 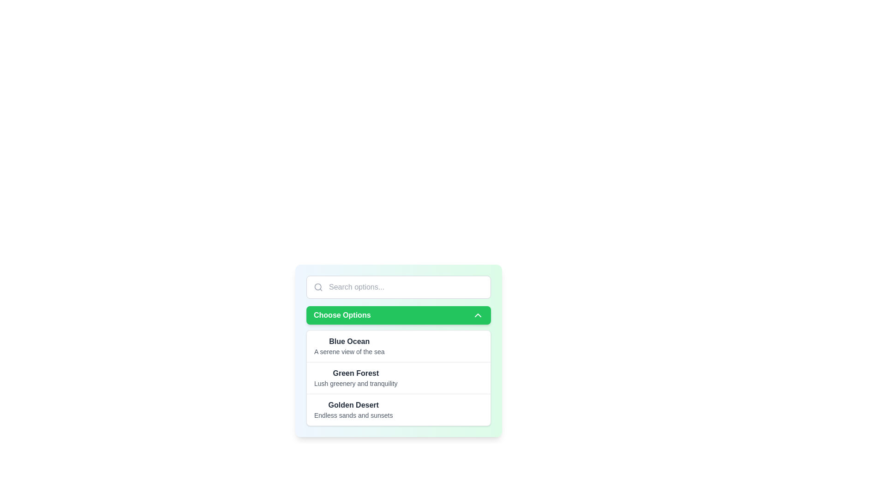 What do you see at coordinates (478, 314) in the screenshot?
I see `the interactive icon located on the right border of the green 'Choose Options' button to observe potential hover effects` at bounding box center [478, 314].